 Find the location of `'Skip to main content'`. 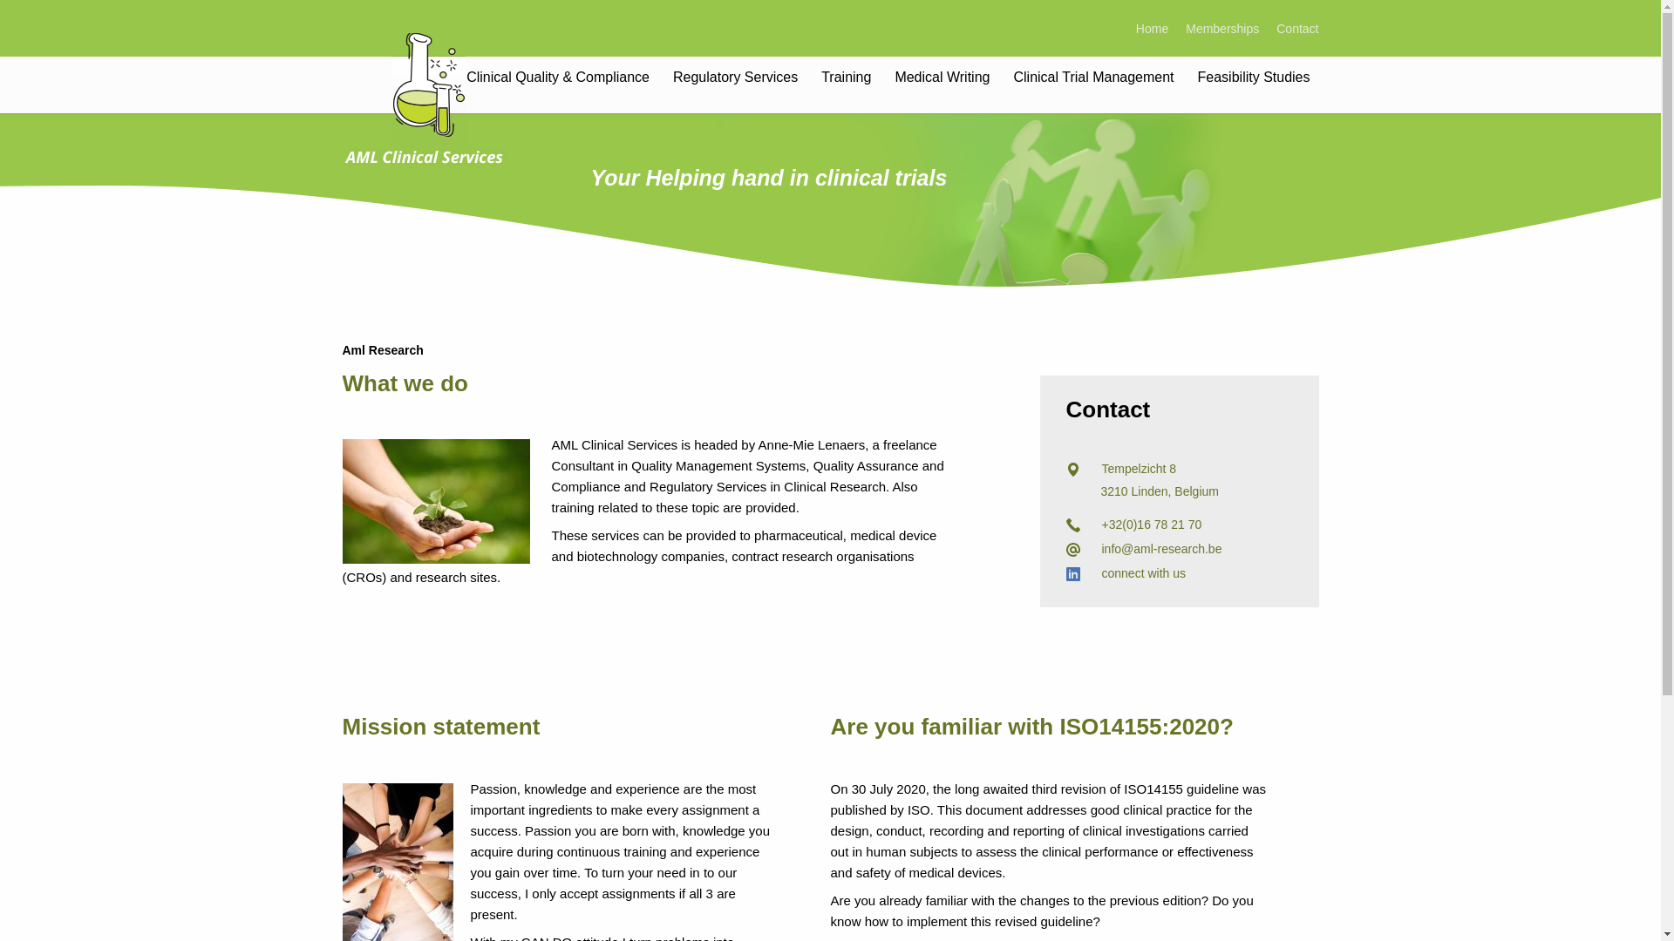

'Skip to main content' is located at coordinates (0, 0).